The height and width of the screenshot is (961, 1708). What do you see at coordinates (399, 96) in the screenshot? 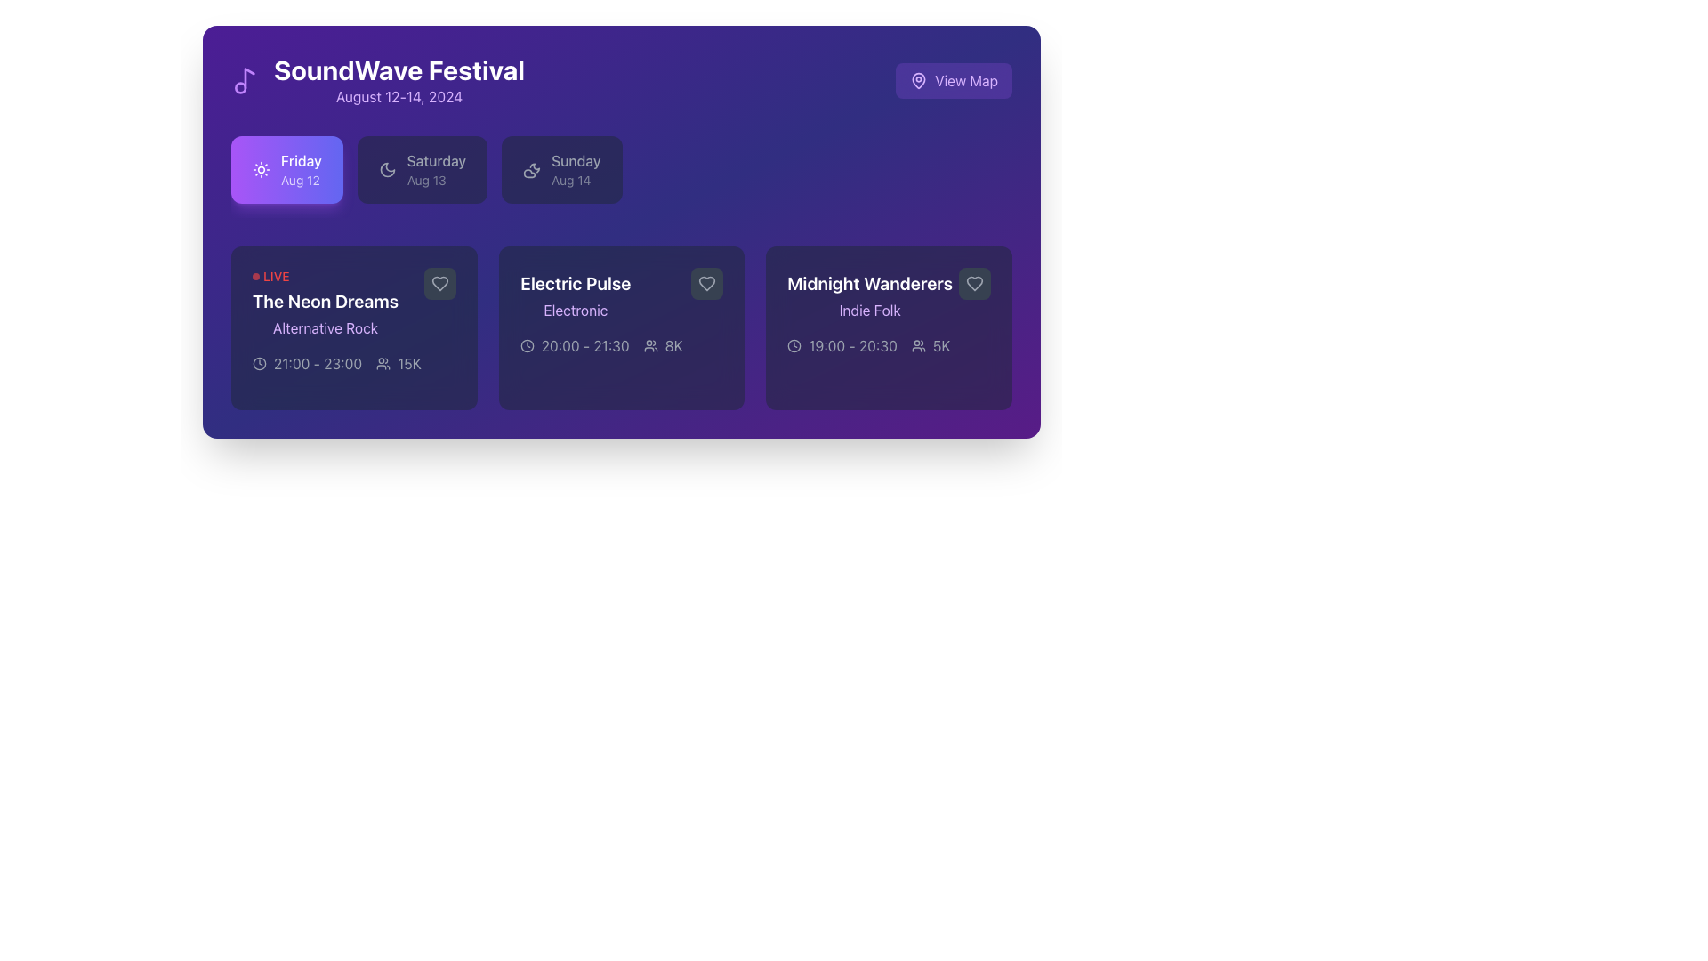
I see `the interactive Text label providing the date range for the 'SoundWave Festival' event, positioned directly below the title in the top-left section of the page` at bounding box center [399, 96].